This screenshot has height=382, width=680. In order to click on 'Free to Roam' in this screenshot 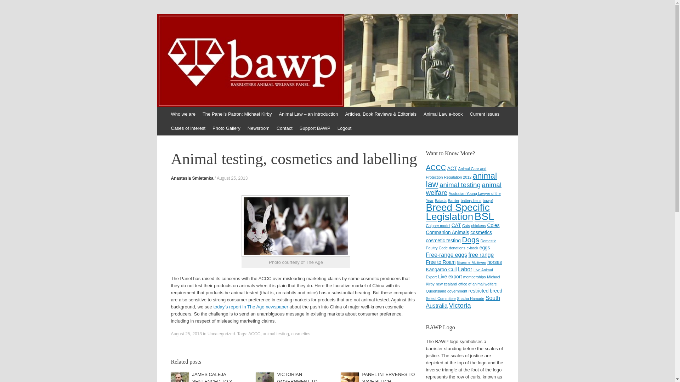, I will do `click(440, 262)`.